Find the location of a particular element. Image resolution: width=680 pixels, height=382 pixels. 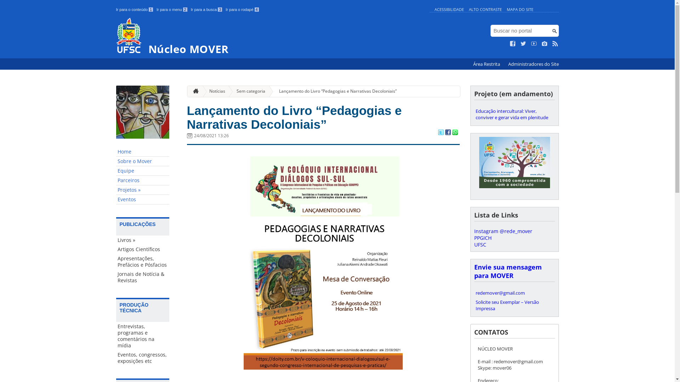

'Siga no Twitter' is located at coordinates (520, 44).